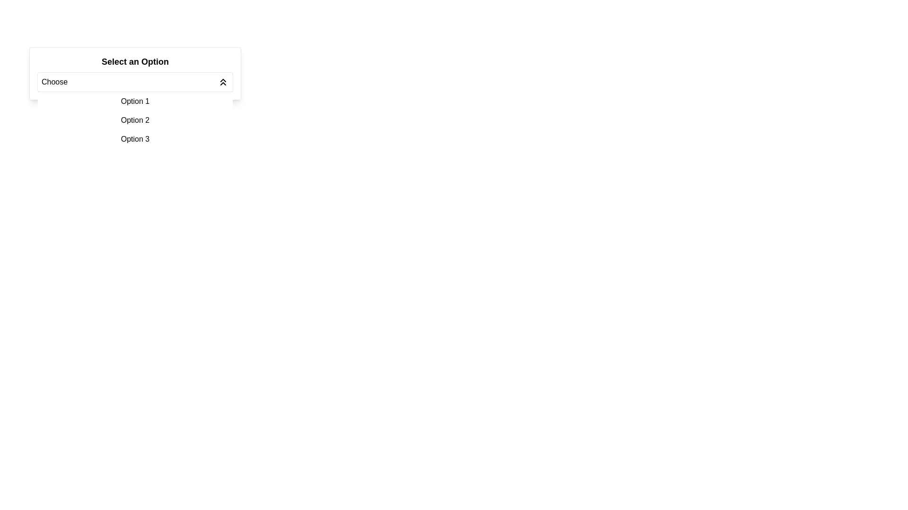 This screenshot has height=510, width=908. I want to click on an option in the dropdown menu located beneath the 'Choose' label to make a selection, so click(135, 119).